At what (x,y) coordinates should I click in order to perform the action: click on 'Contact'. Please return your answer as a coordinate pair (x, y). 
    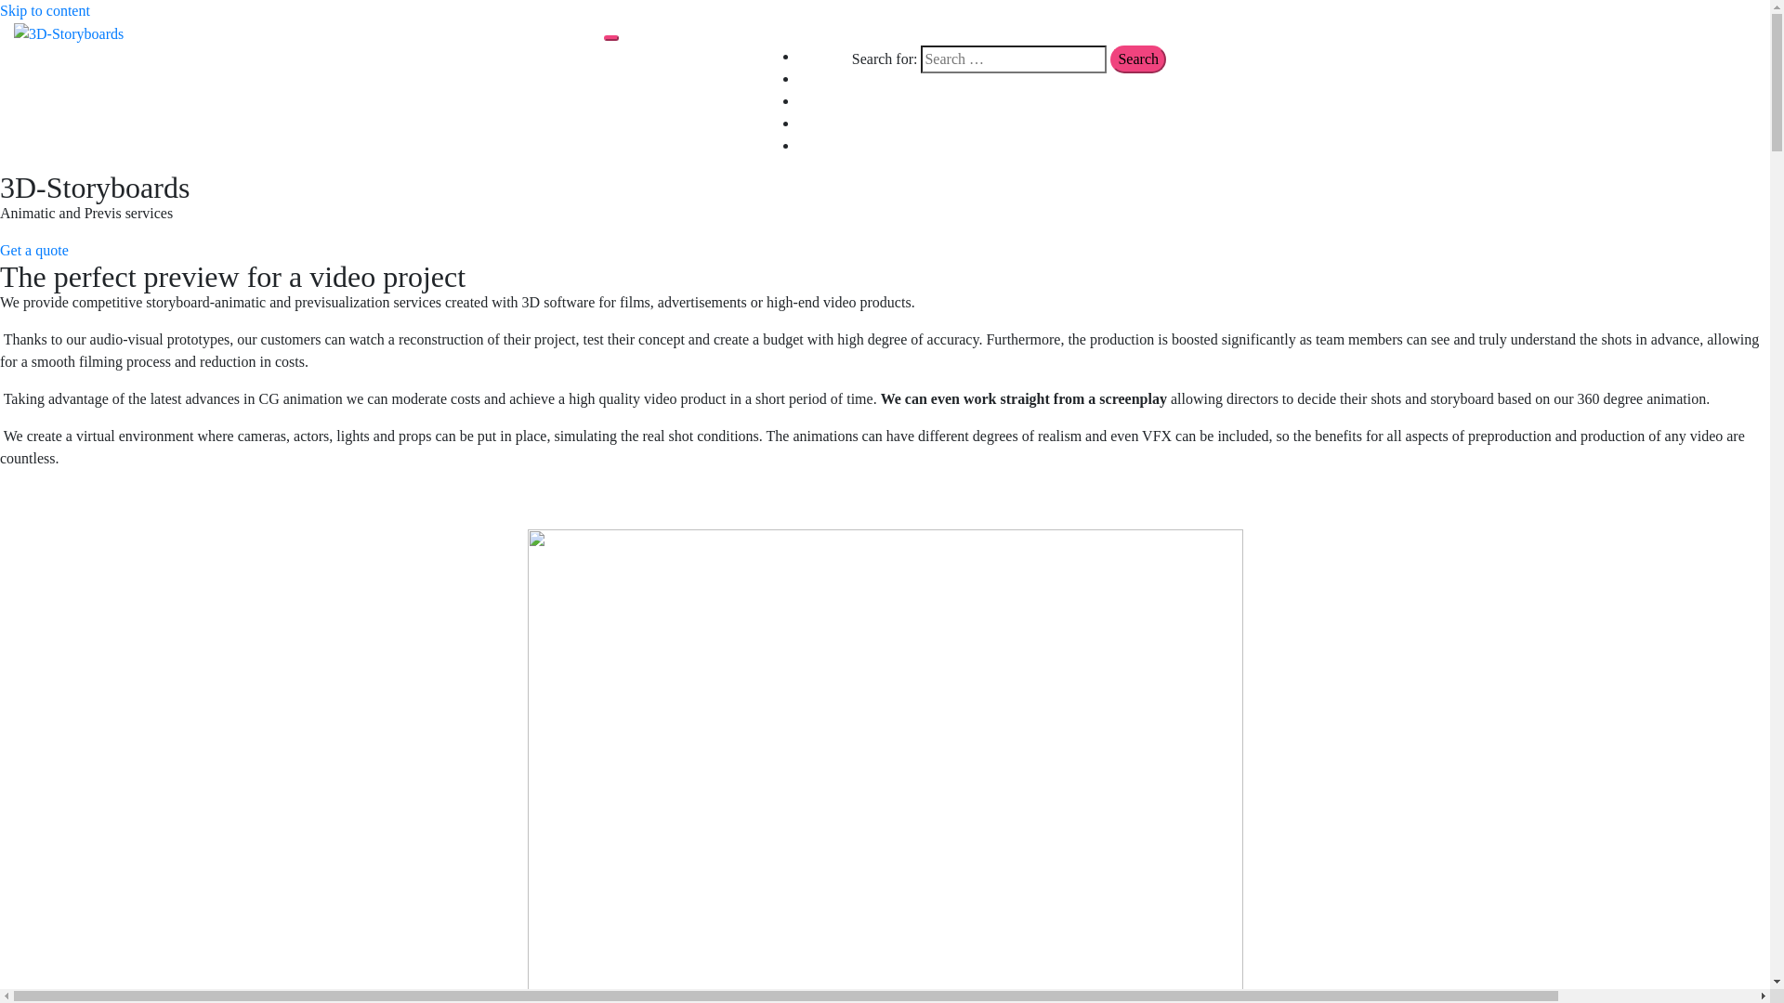
    Looking at the image, I should click on (820, 123).